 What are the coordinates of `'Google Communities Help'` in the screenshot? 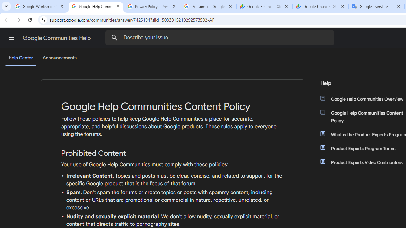 It's located at (57, 38).